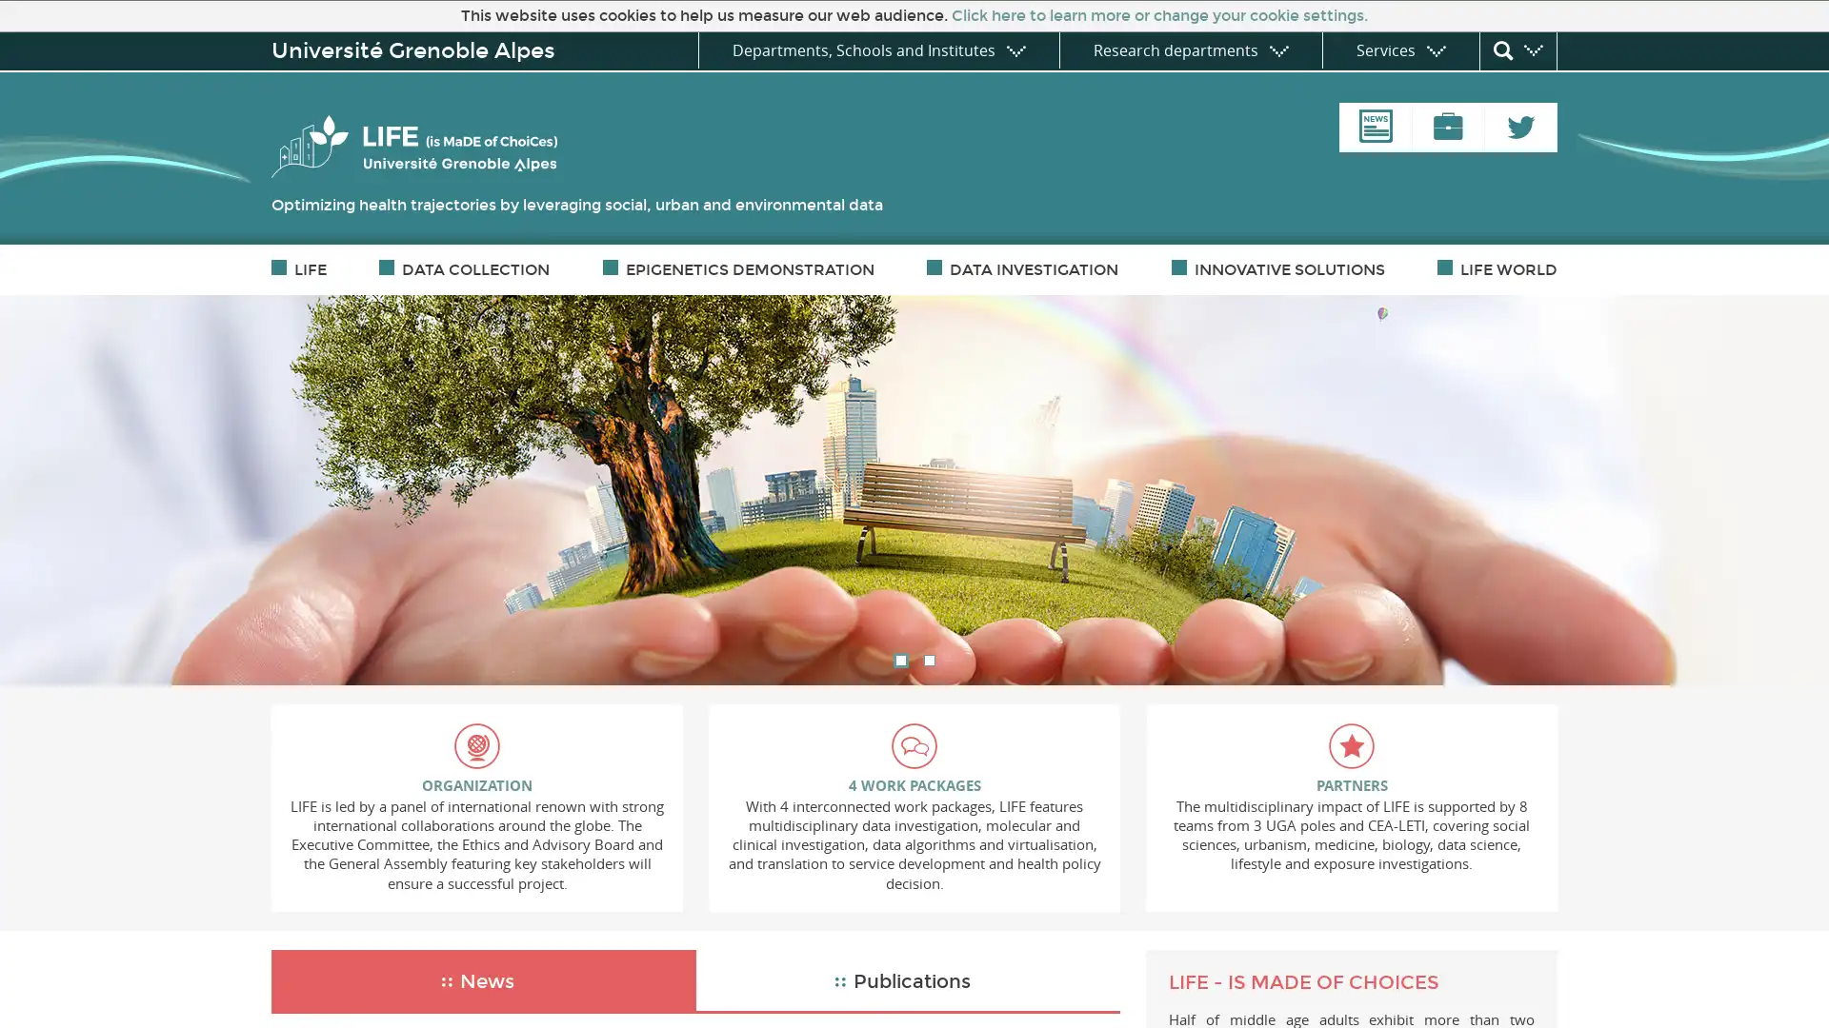 The image size is (1829, 1028). I want to click on Research departments, so click(1189, 49).